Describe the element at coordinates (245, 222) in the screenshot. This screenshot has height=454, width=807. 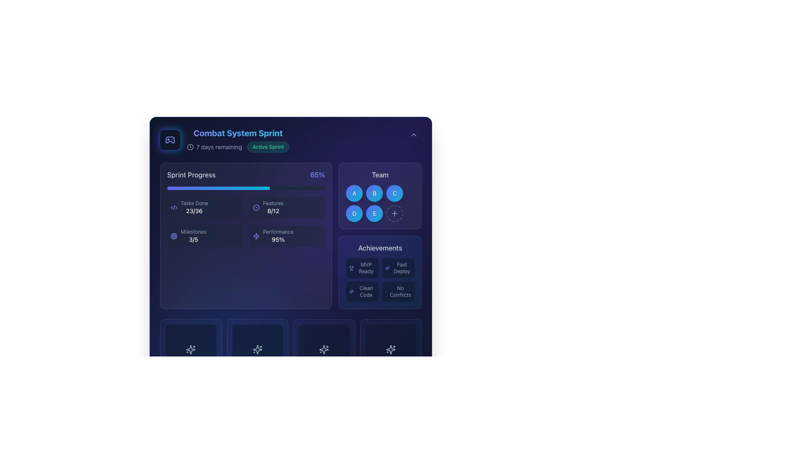
I see `the Info grid containing labeled progress metrics located in the 'Sprint Progress' section, directly under the progress bar` at that location.